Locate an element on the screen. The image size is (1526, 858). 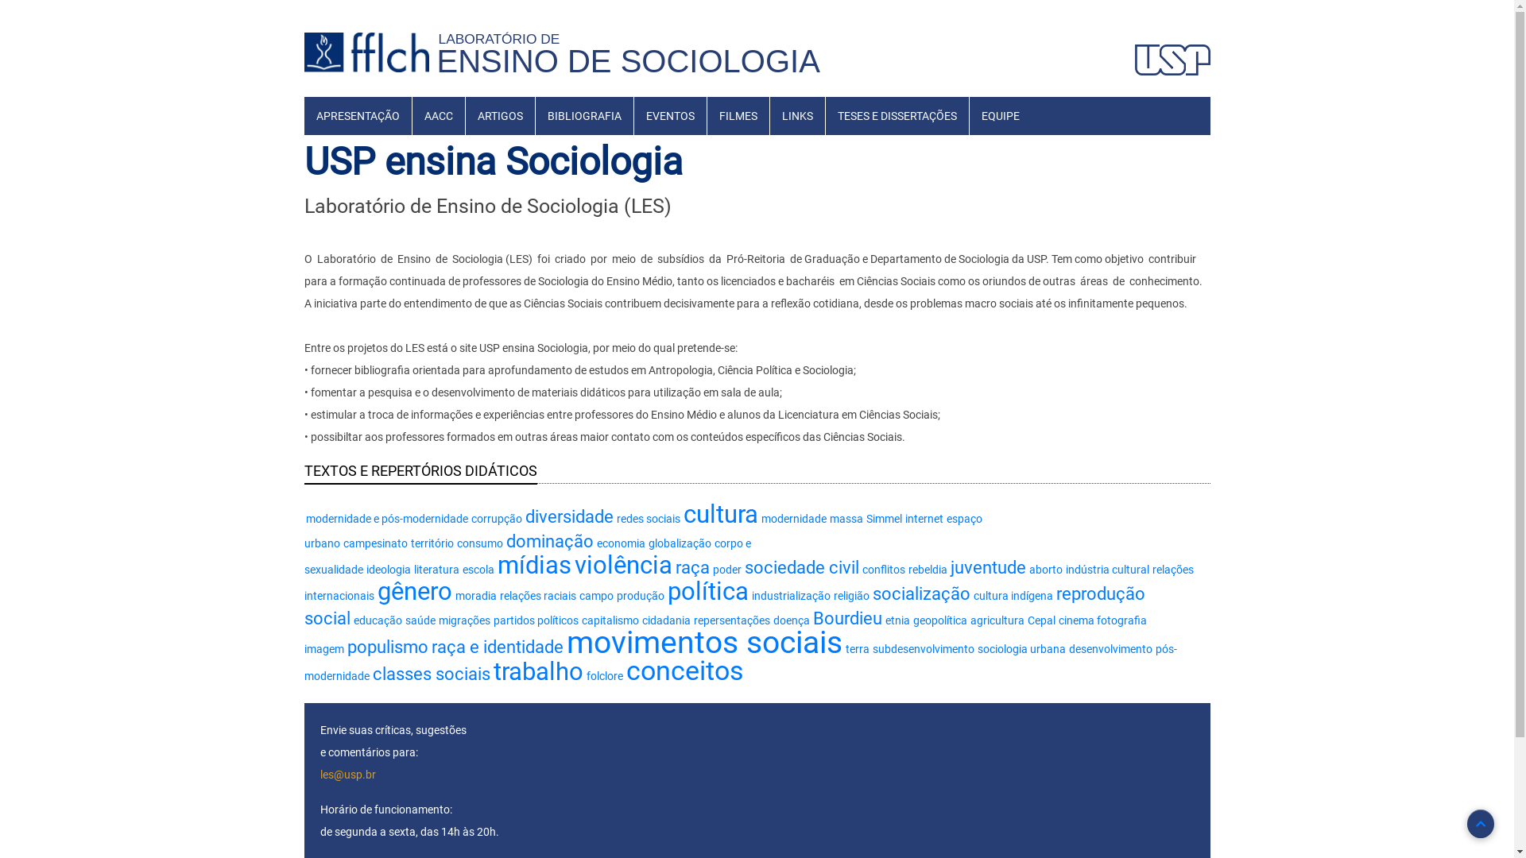
'LINKS' is located at coordinates (796, 115).